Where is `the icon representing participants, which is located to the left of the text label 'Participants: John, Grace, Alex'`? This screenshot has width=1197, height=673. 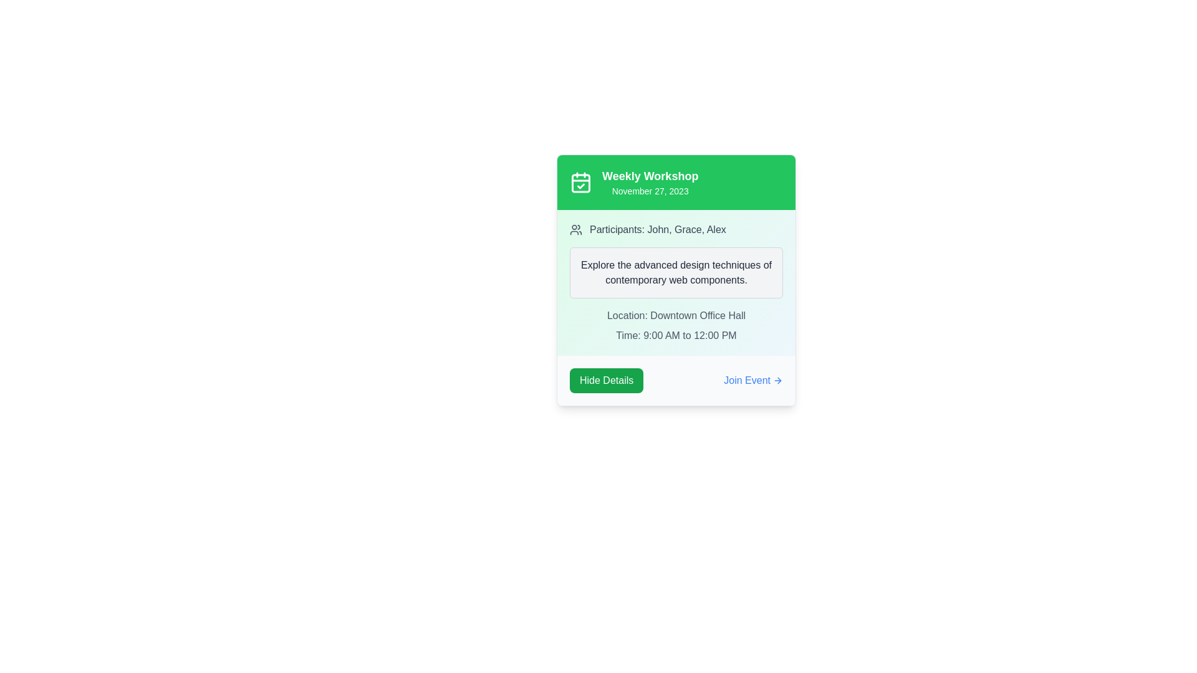
the icon representing participants, which is located to the left of the text label 'Participants: John, Grace, Alex' is located at coordinates (575, 230).